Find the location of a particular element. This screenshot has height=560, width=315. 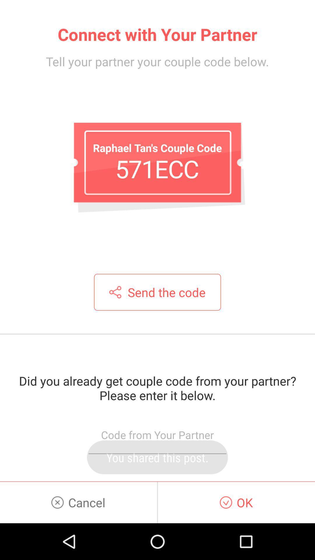

the send the code item is located at coordinates (157, 292).